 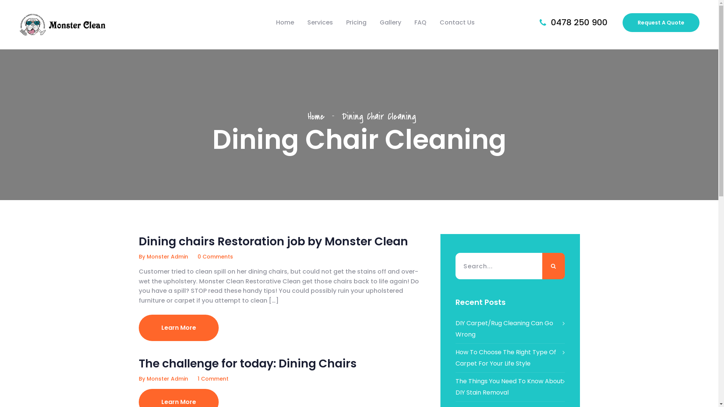 What do you see at coordinates (390, 22) in the screenshot?
I see `'Gallery'` at bounding box center [390, 22].